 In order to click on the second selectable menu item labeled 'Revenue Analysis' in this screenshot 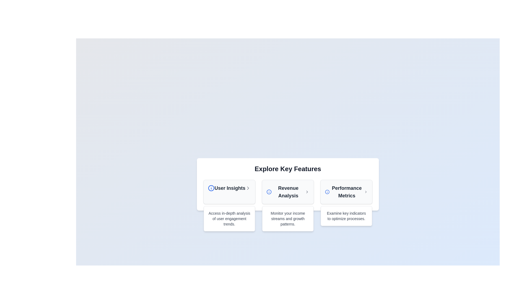, I will do `click(287, 191)`.